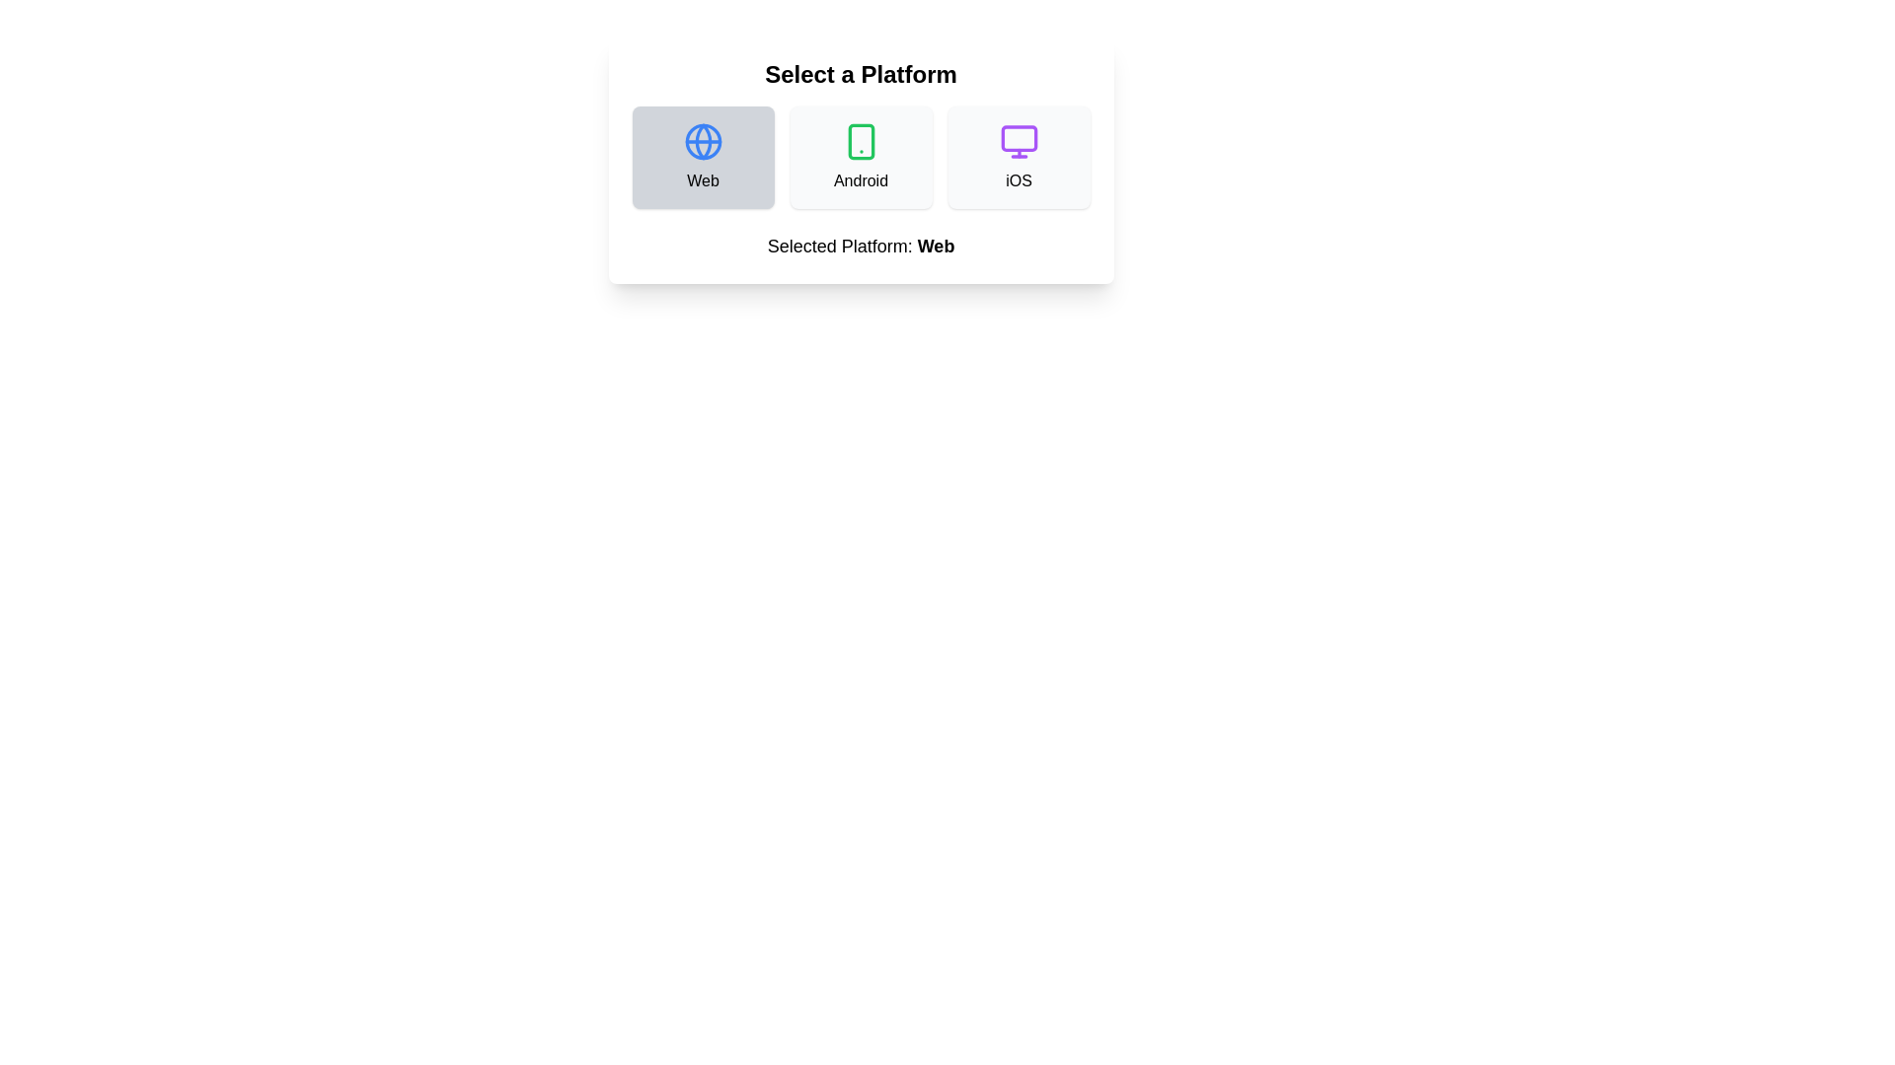 The height and width of the screenshot is (1065, 1895). I want to click on the platform Web by clicking its corresponding button, so click(703, 156).